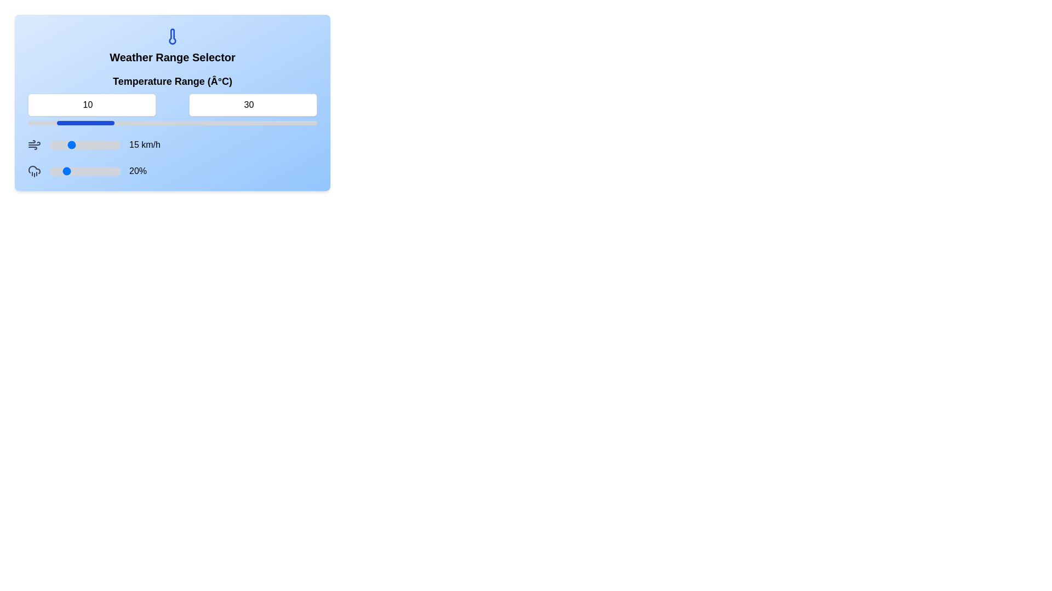  I want to click on the decorative vector icon located at the top-center of the 'Weather Range Selector' component, which is part of the thermometer icon above the 'Temperature Range (°C)' text, so click(172, 36).